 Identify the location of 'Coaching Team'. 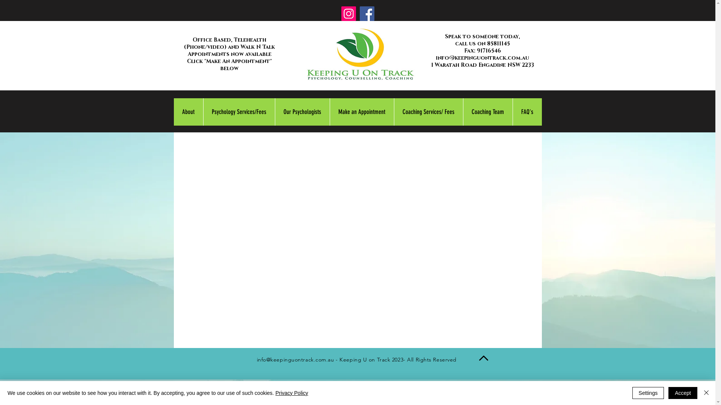
(487, 112).